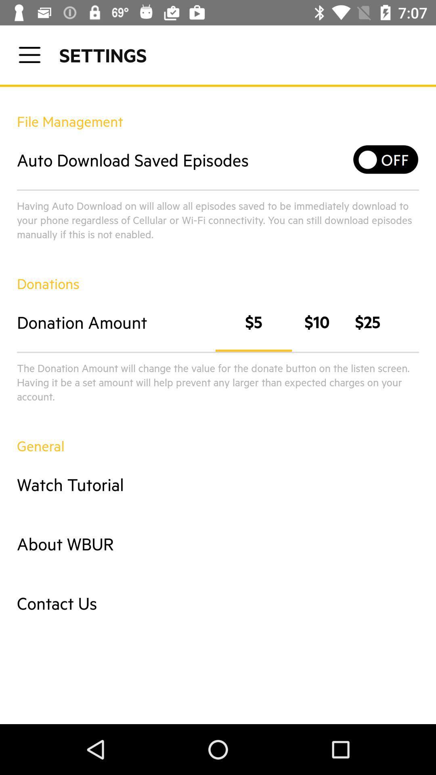 The width and height of the screenshot is (436, 775). I want to click on about wbur icon, so click(218, 544).